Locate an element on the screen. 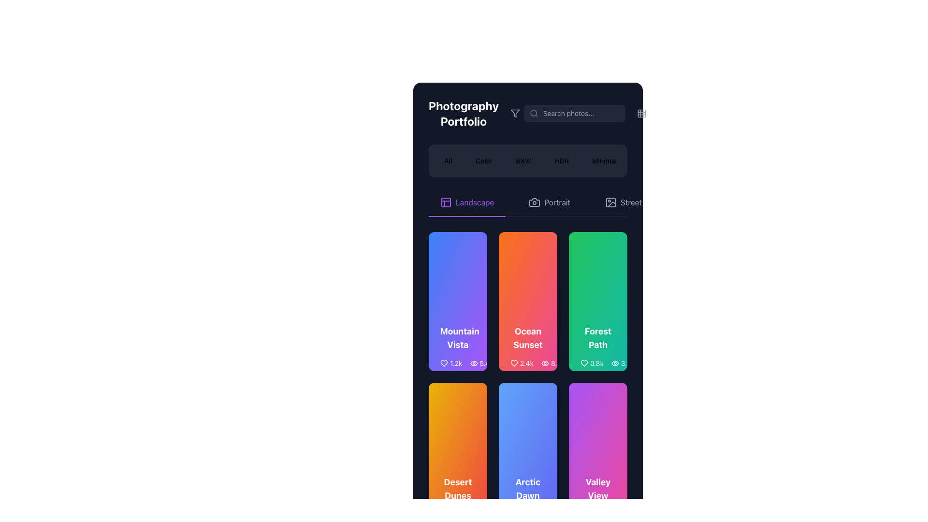 This screenshot has height=522, width=928. the 'B&W' button, which is the third button in a row of five is located at coordinates (523, 160).